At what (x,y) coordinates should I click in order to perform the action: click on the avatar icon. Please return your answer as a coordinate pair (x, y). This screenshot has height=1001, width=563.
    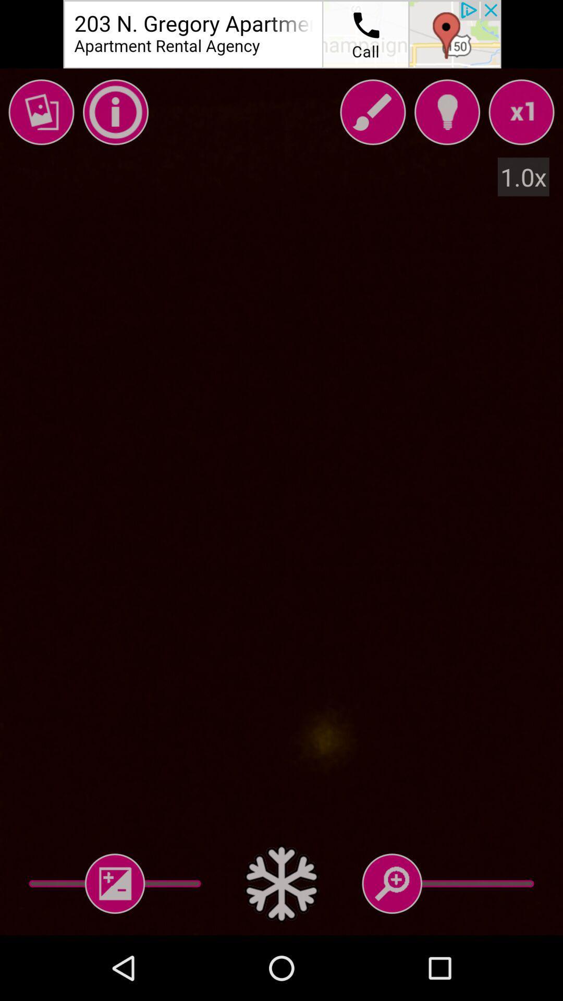
    Looking at the image, I should click on (446, 112).